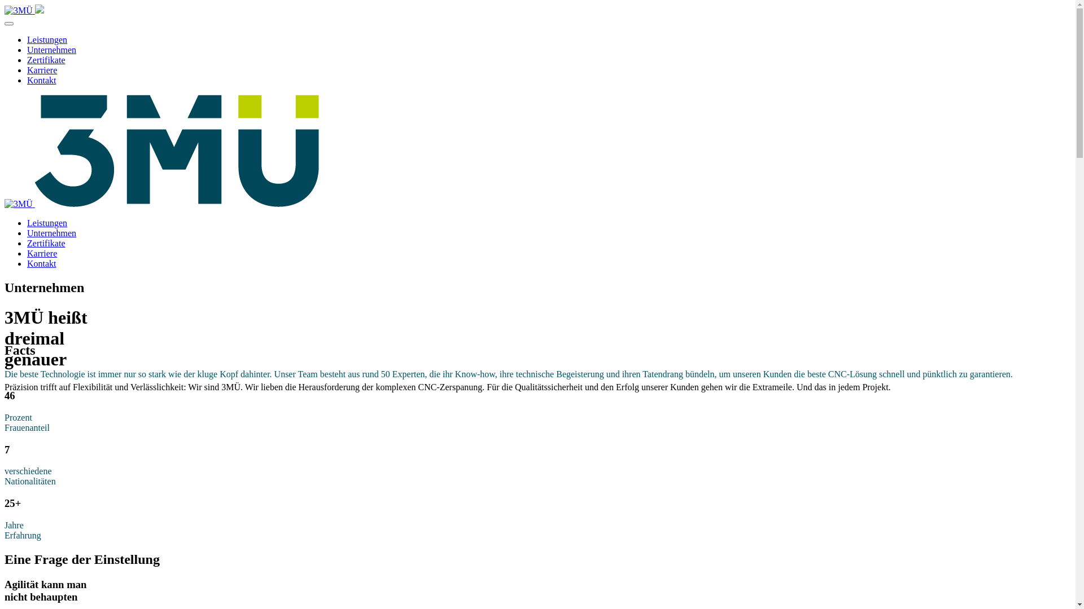 The width and height of the screenshot is (1084, 609). Describe the element at coordinates (27, 232) in the screenshot. I see `'Unternehmen'` at that location.